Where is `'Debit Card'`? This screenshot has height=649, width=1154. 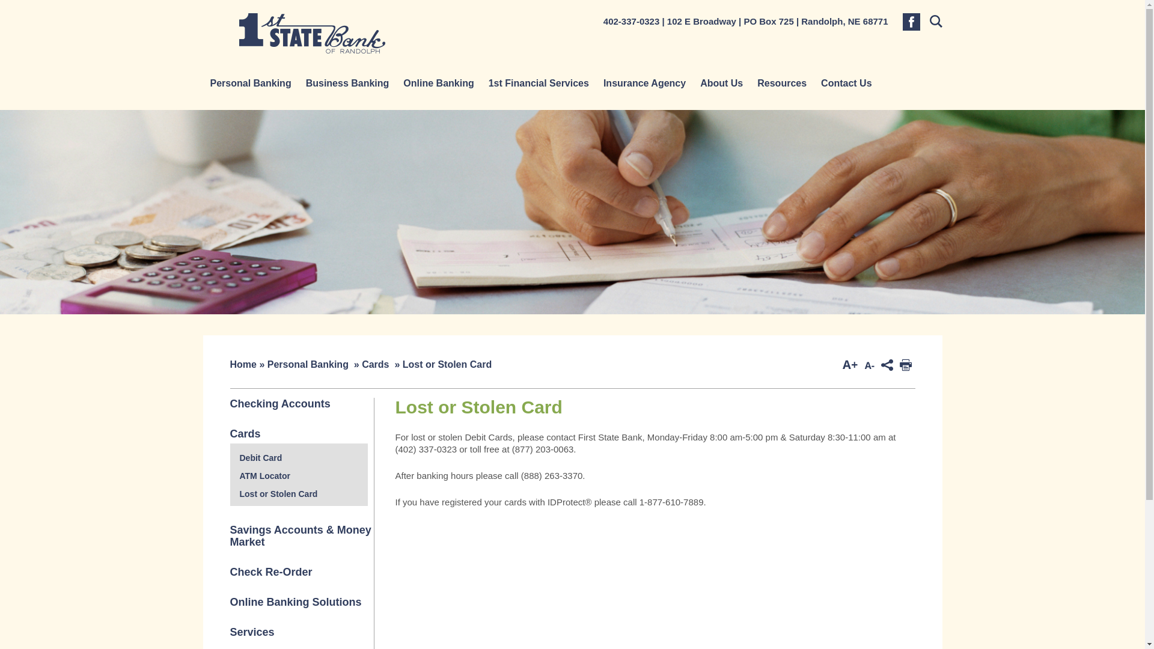 'Debit Card' is located at coordinates (260, 458).